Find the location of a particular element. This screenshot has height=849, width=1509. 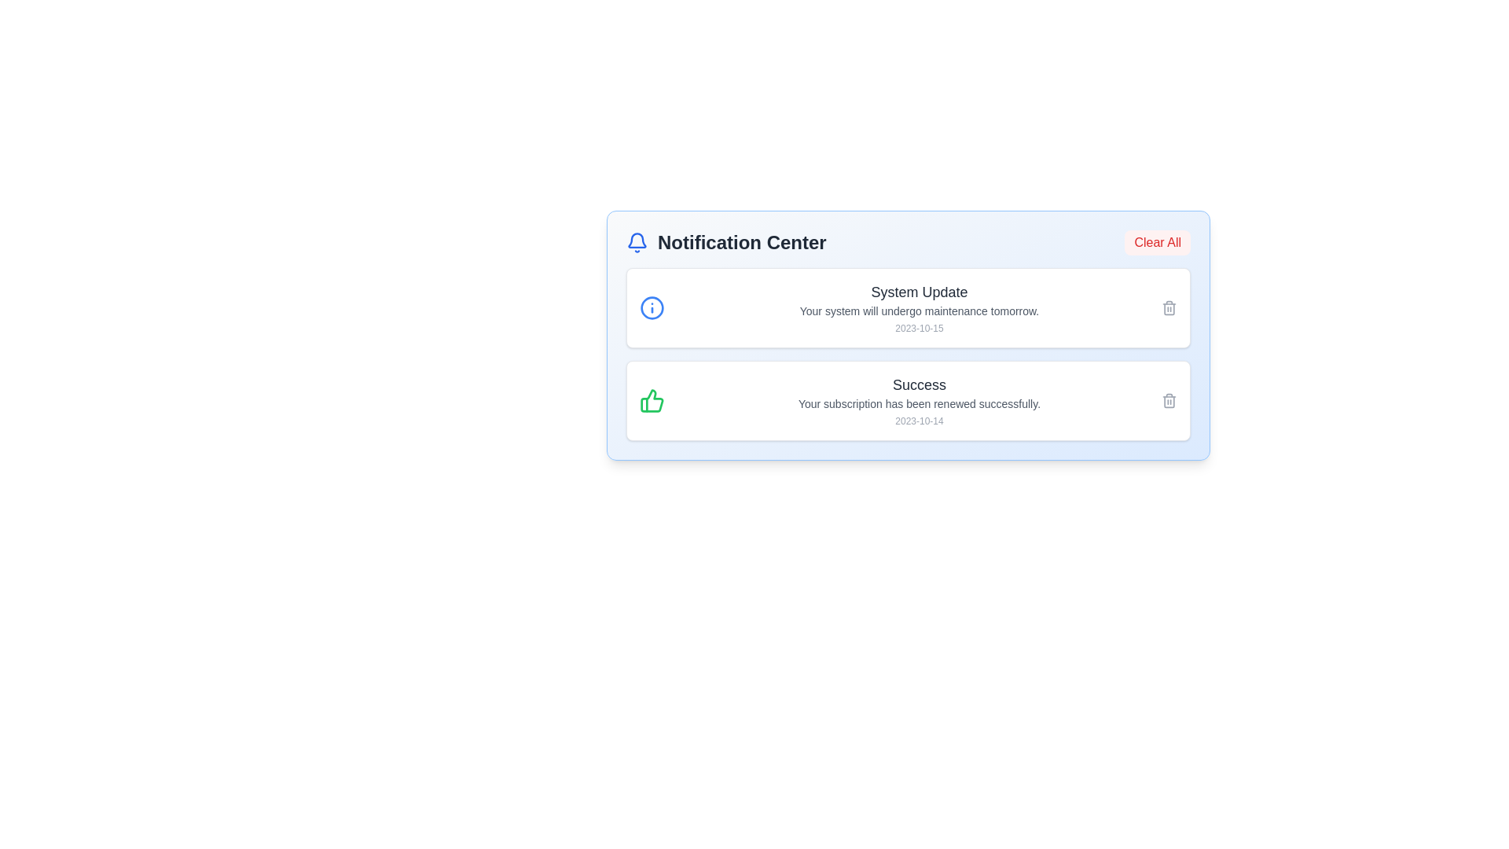

the green thumbs-up icon located to the left of the 'Success' text in the Notification Center interface is located at coordinates (652, 399).